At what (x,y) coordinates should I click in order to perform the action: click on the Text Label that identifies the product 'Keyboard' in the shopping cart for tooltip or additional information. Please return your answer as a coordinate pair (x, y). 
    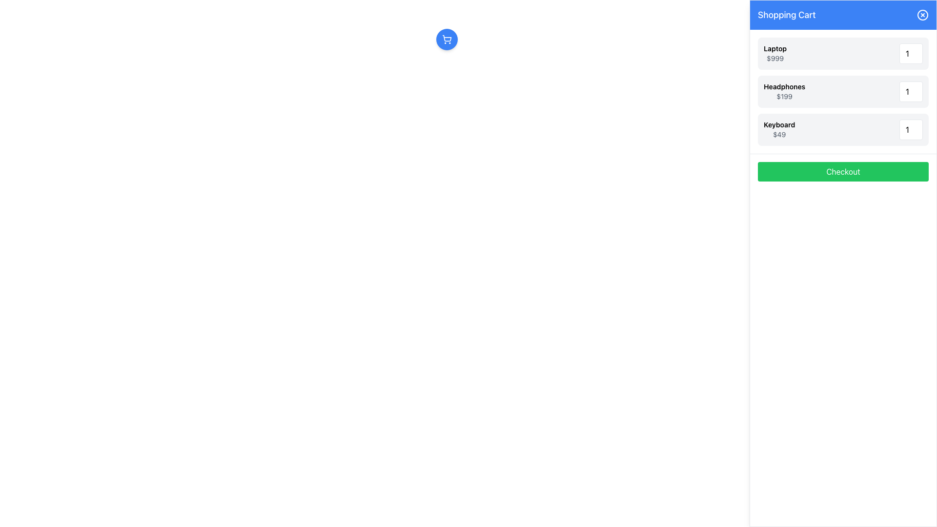
    Looking at the image, I should click on (779, 124).